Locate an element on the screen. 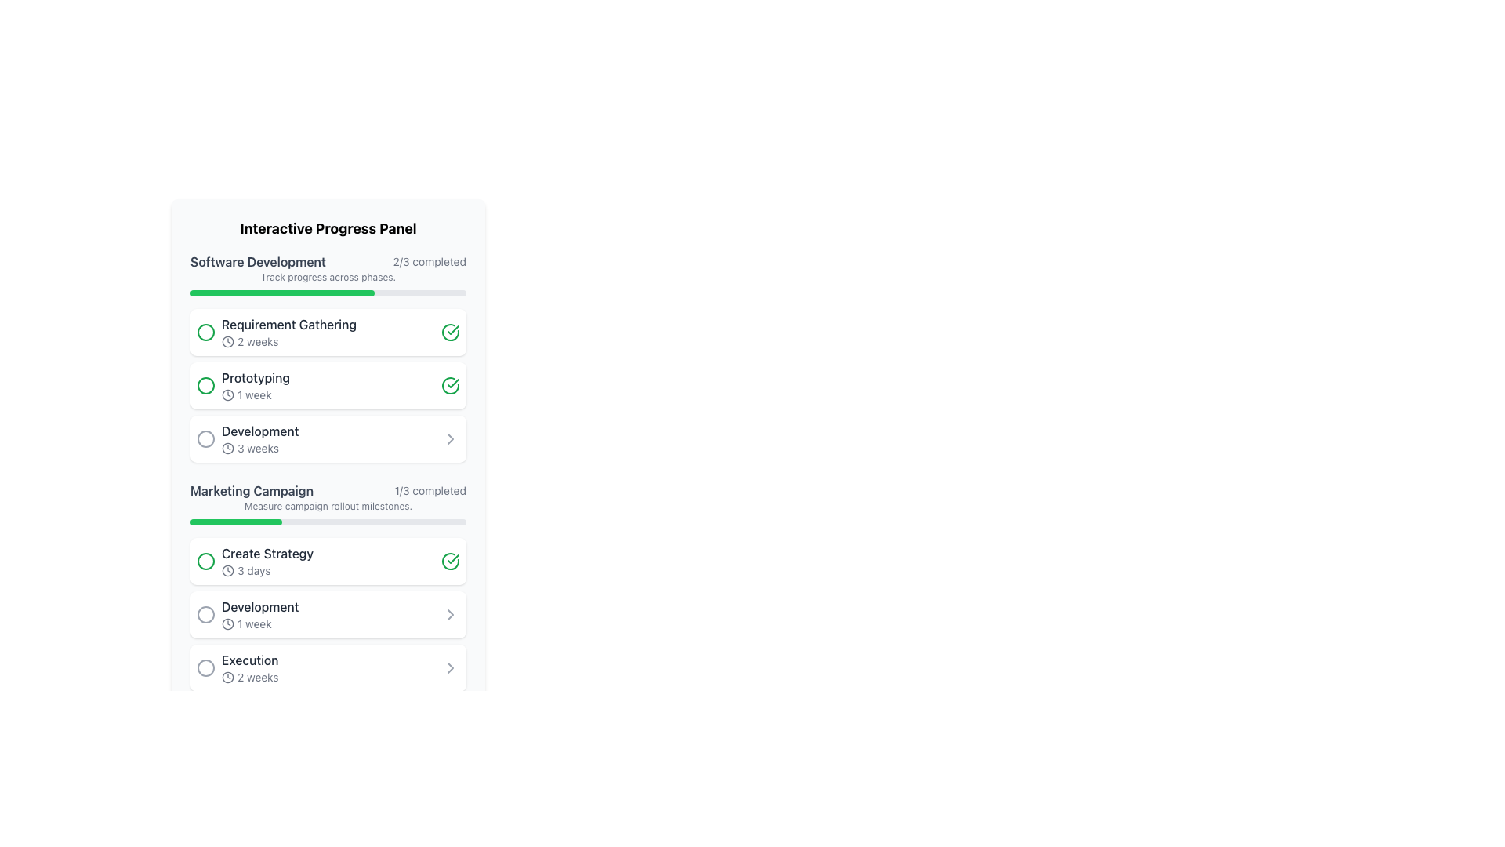 This screenshot has height=847, width=1505. the Chevron Icon located to the right of the 'Development' text and '1 week' duration text is located at coordinates (450, 613).